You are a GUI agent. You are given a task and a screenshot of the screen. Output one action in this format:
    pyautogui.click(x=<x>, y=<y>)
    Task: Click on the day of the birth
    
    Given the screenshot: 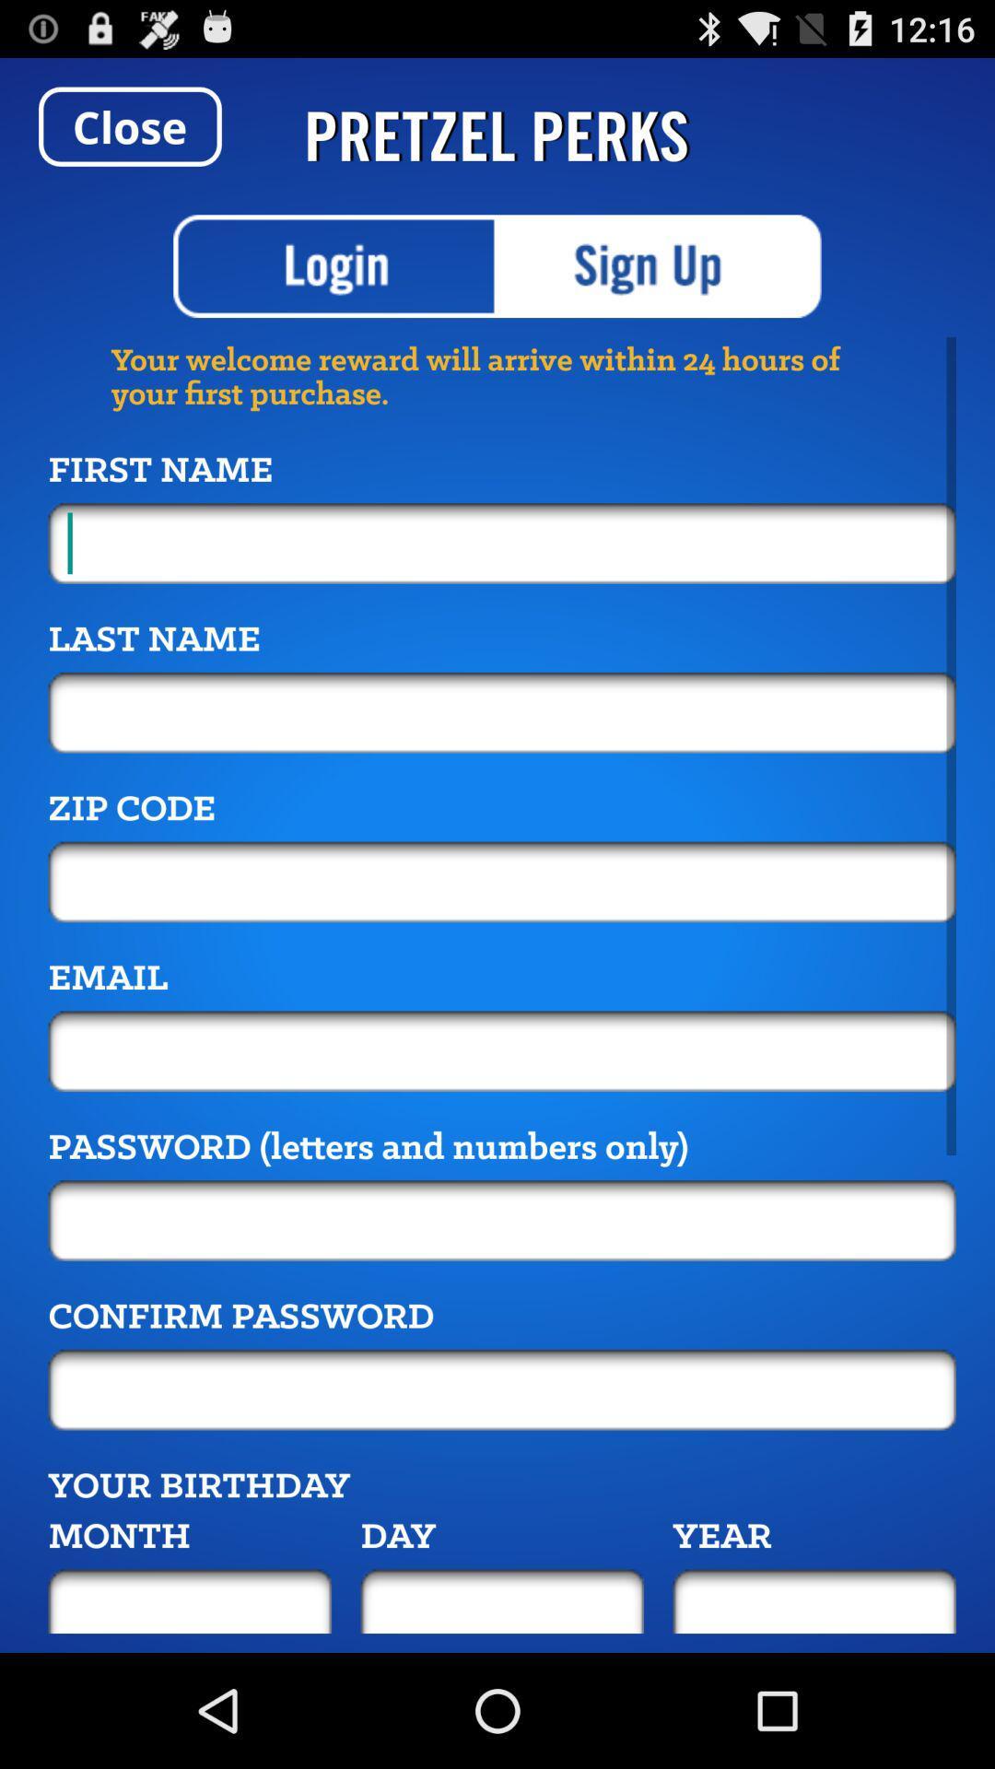 What is the action you would take?
    pyautogui.click(x=502, y=1600)
    